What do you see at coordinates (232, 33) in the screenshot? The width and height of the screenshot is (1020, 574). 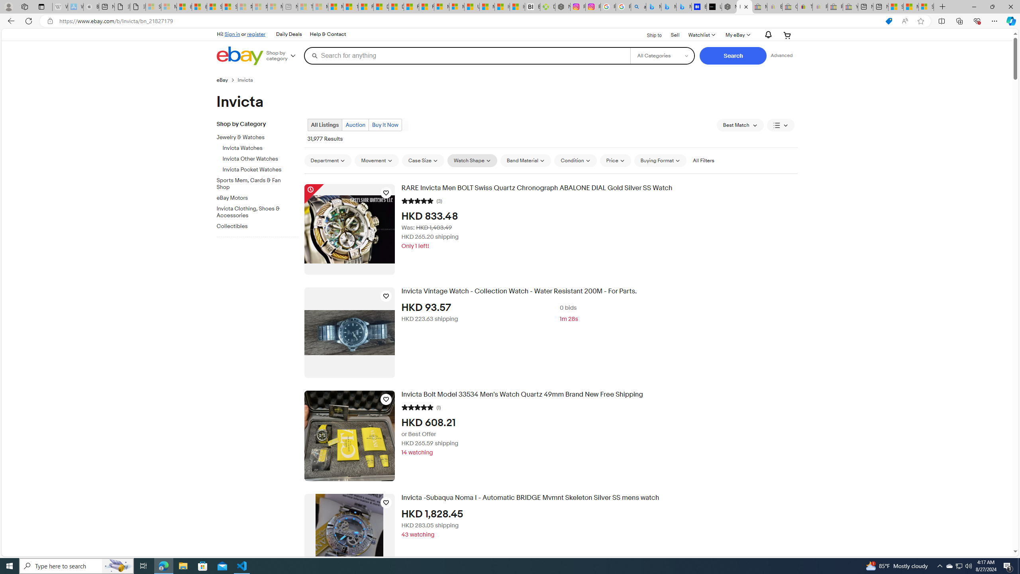 I see `'Sign in'` at bounding box center [232, 33].